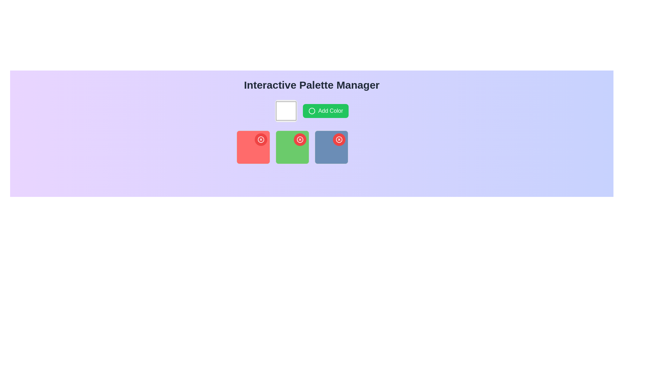  I want to click on the circular icon styled as an outlined circle with a green fill color, located inside the 'Add Color' button, to observe a tooltip or effect, so click(311, 110).